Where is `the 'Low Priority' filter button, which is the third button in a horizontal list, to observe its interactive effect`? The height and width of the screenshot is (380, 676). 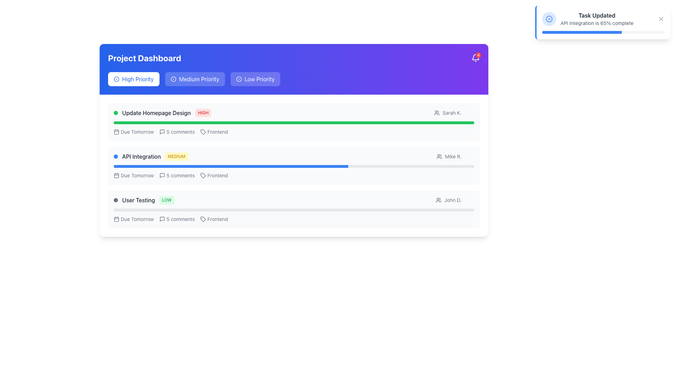
the 'Low Priority' filter button, which is the third button in a horizontal list, to observe its interactive effect is located at coordinates (255, 79).